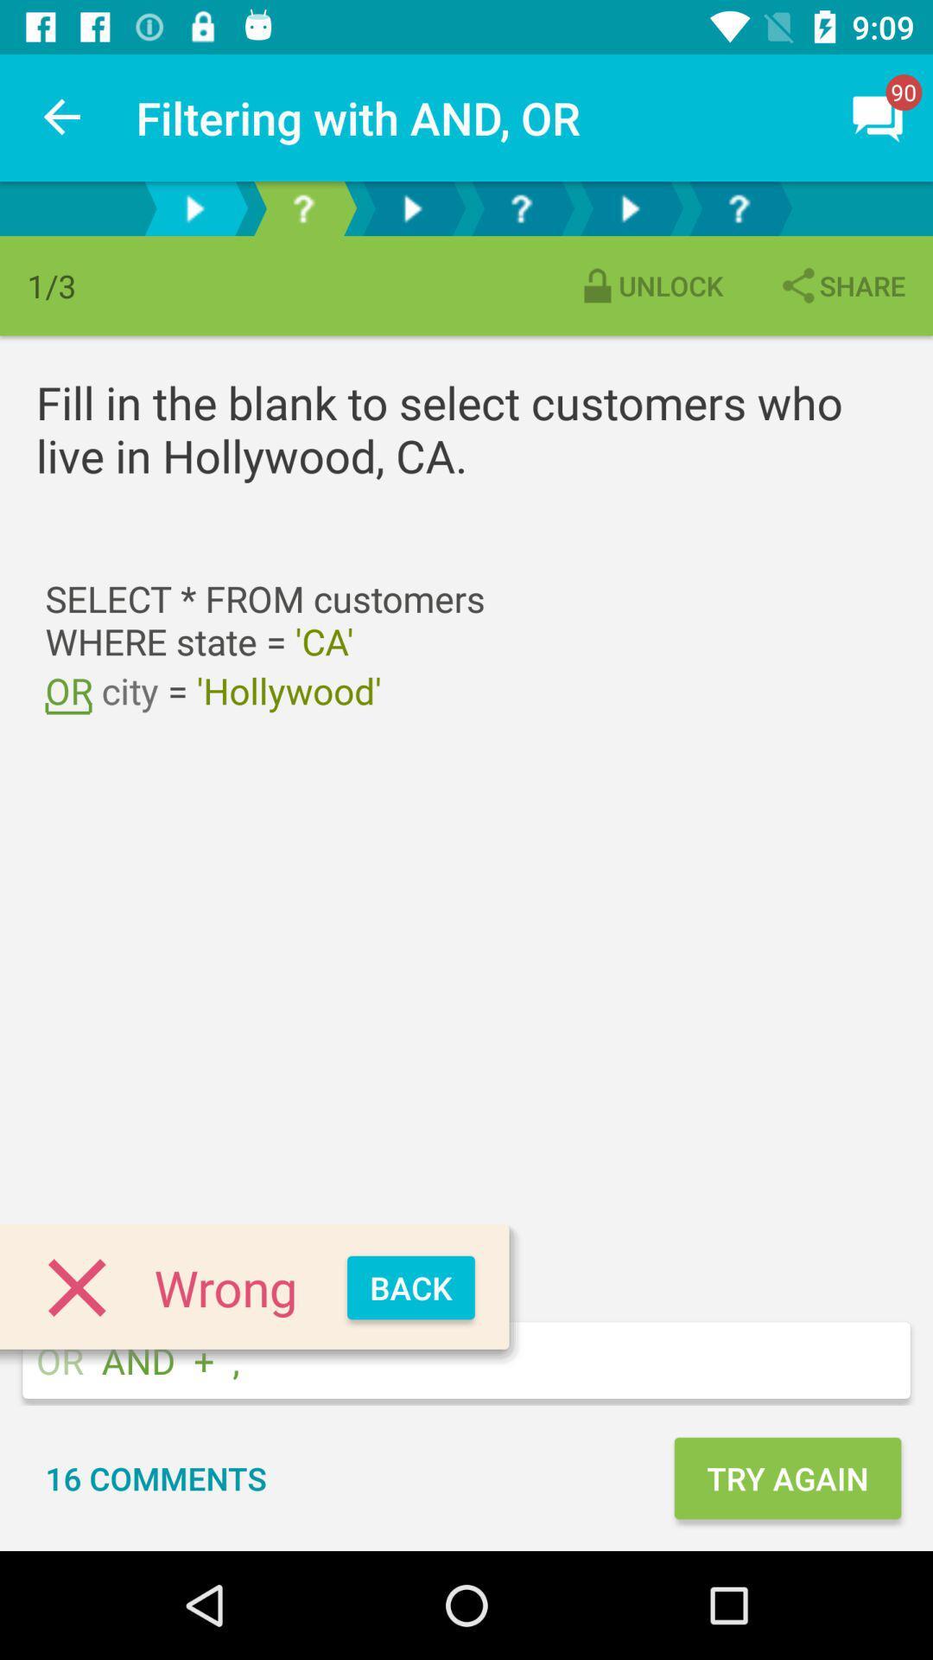  Describe the element at coordinates (410, 1287) in the screenshot. I see `item next to wrong` at that location.